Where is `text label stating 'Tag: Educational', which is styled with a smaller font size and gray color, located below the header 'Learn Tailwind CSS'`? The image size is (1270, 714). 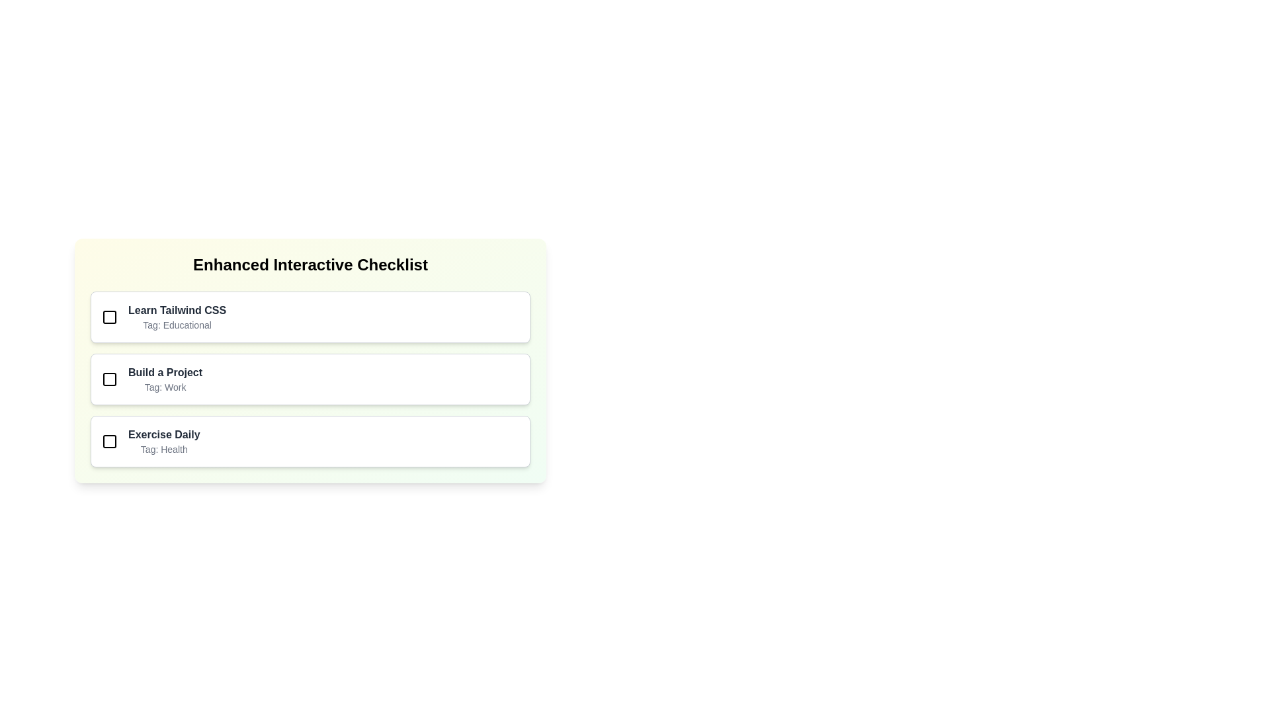 text label stating 'Tag: Educational', which is styled with a smaller font size and gray color, located below the header 'Learn Tailwind CSS' is located at coordinates (177, 325).